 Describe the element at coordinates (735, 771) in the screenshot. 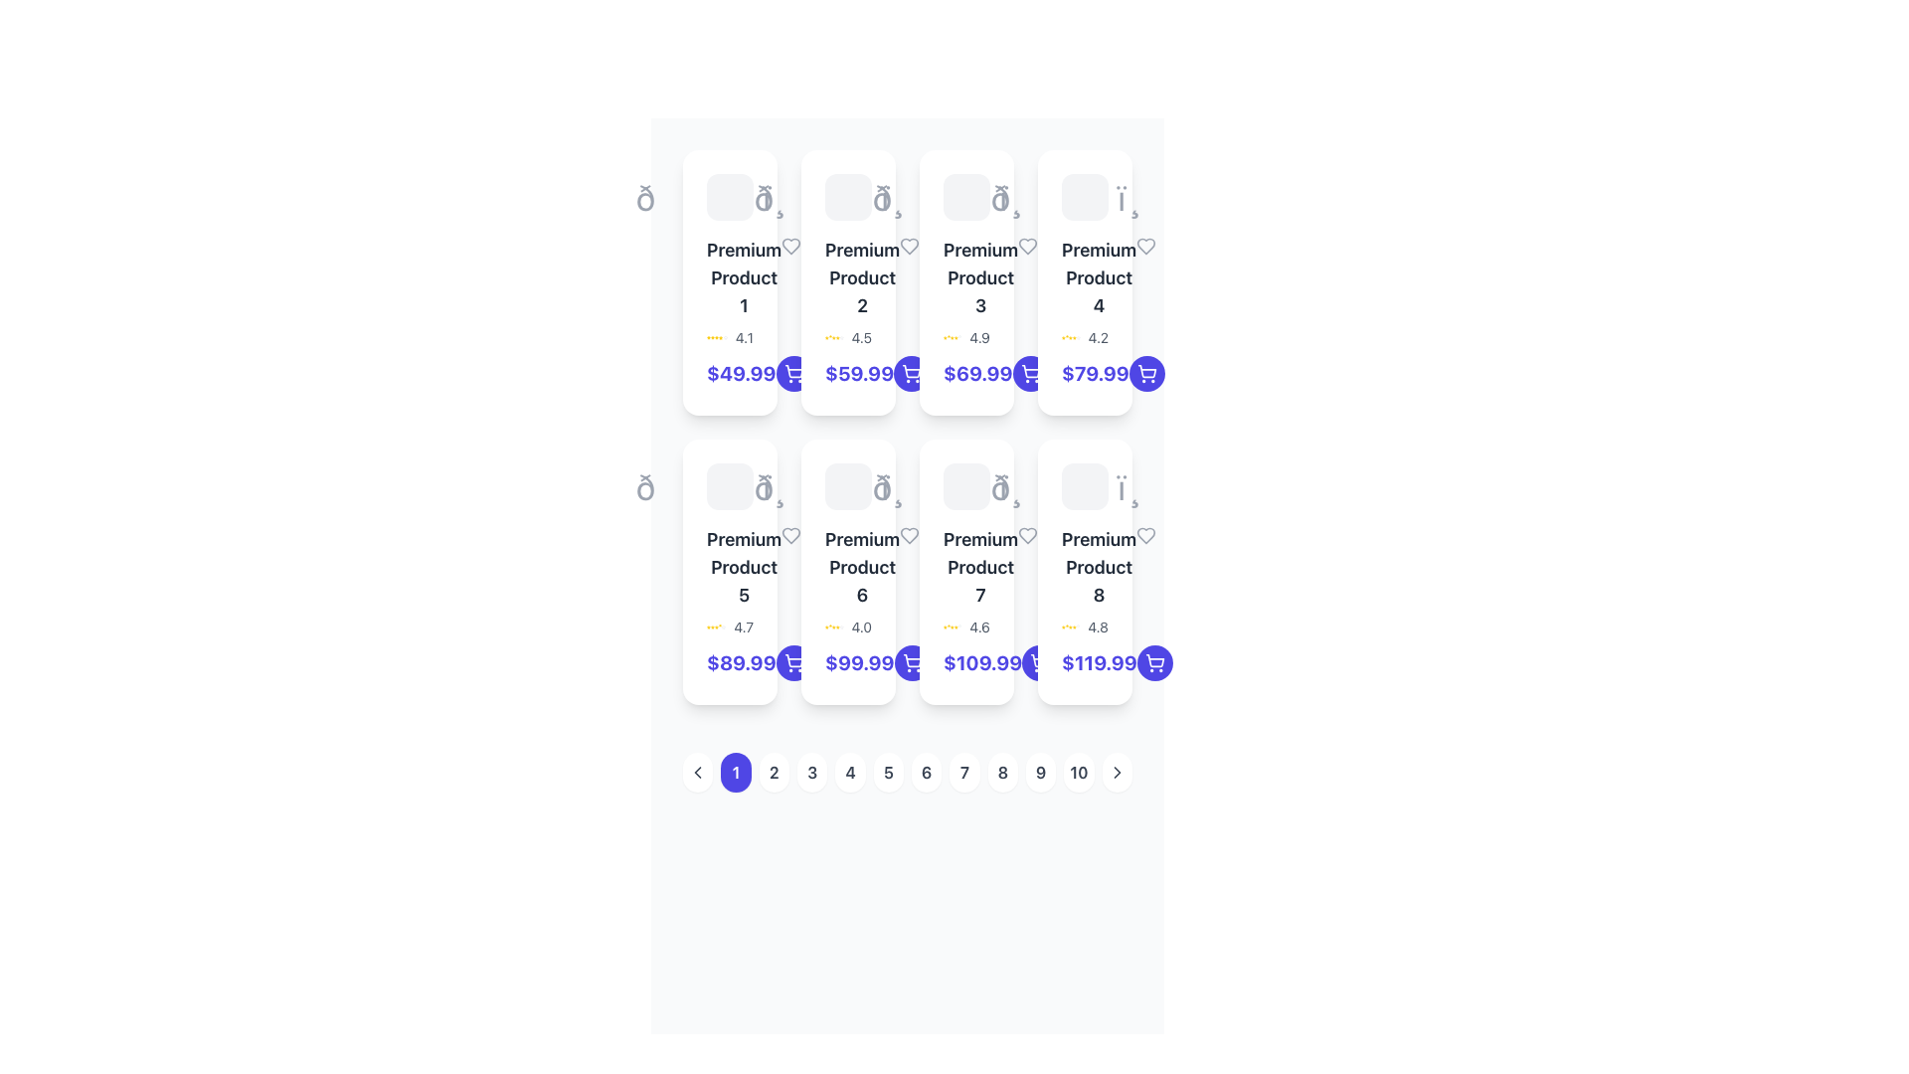

I see `the pagination button that selects page 1, which is the second circular button in the sequence located between a leftward-facing arrow and the button labeled '2'` at that location.